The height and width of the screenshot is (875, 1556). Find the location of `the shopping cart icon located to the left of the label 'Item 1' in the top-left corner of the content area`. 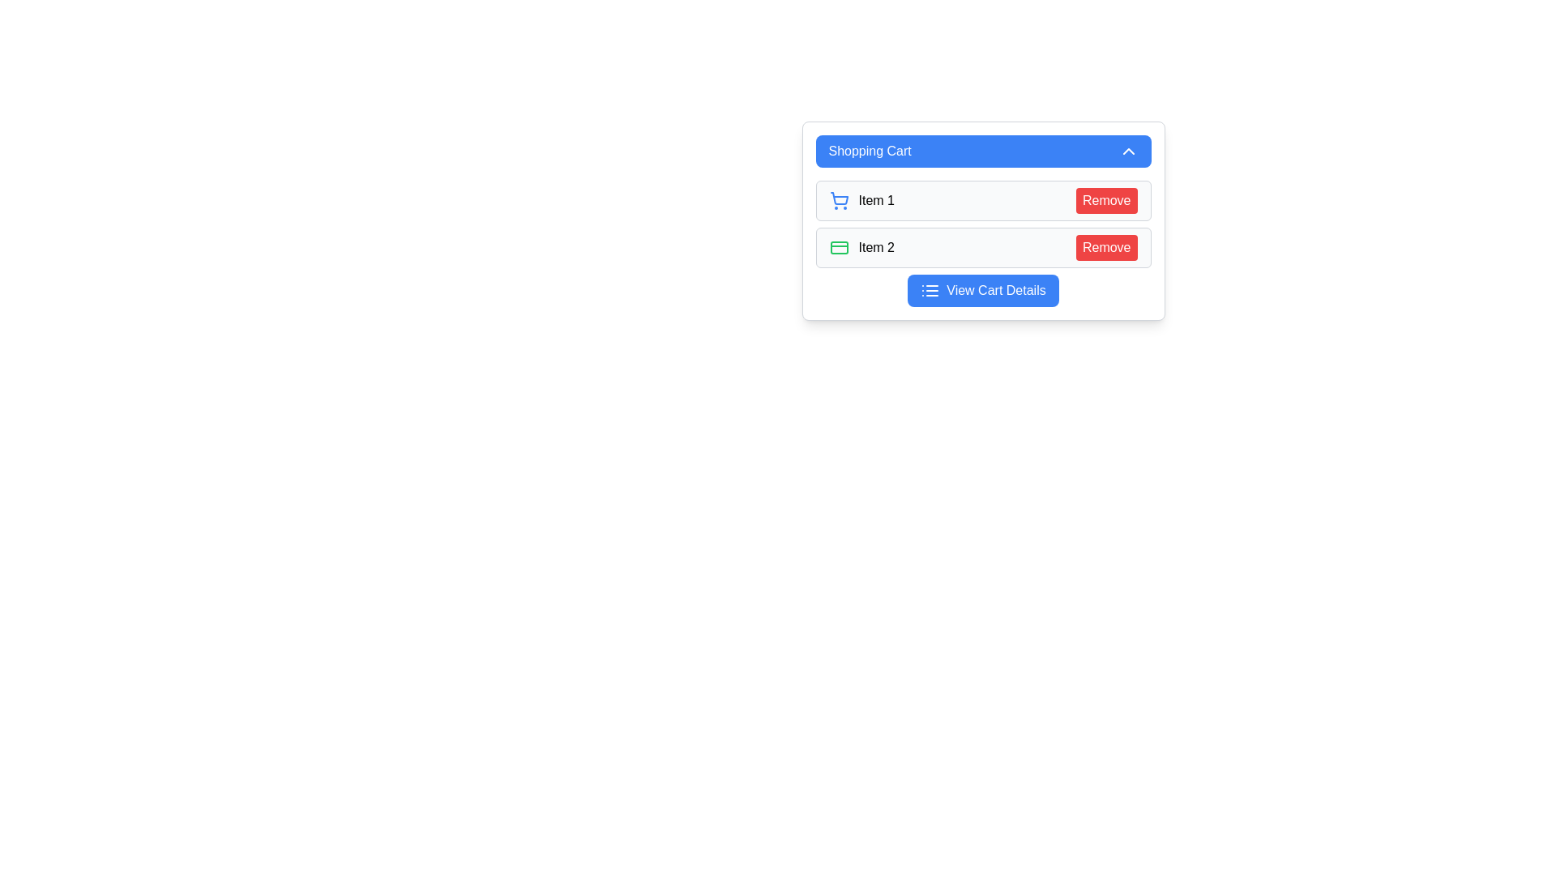

the shopping cart icon located to the left of the label 'Item 1' in the top-left corner of the content area is located at coordinates (839, 198).